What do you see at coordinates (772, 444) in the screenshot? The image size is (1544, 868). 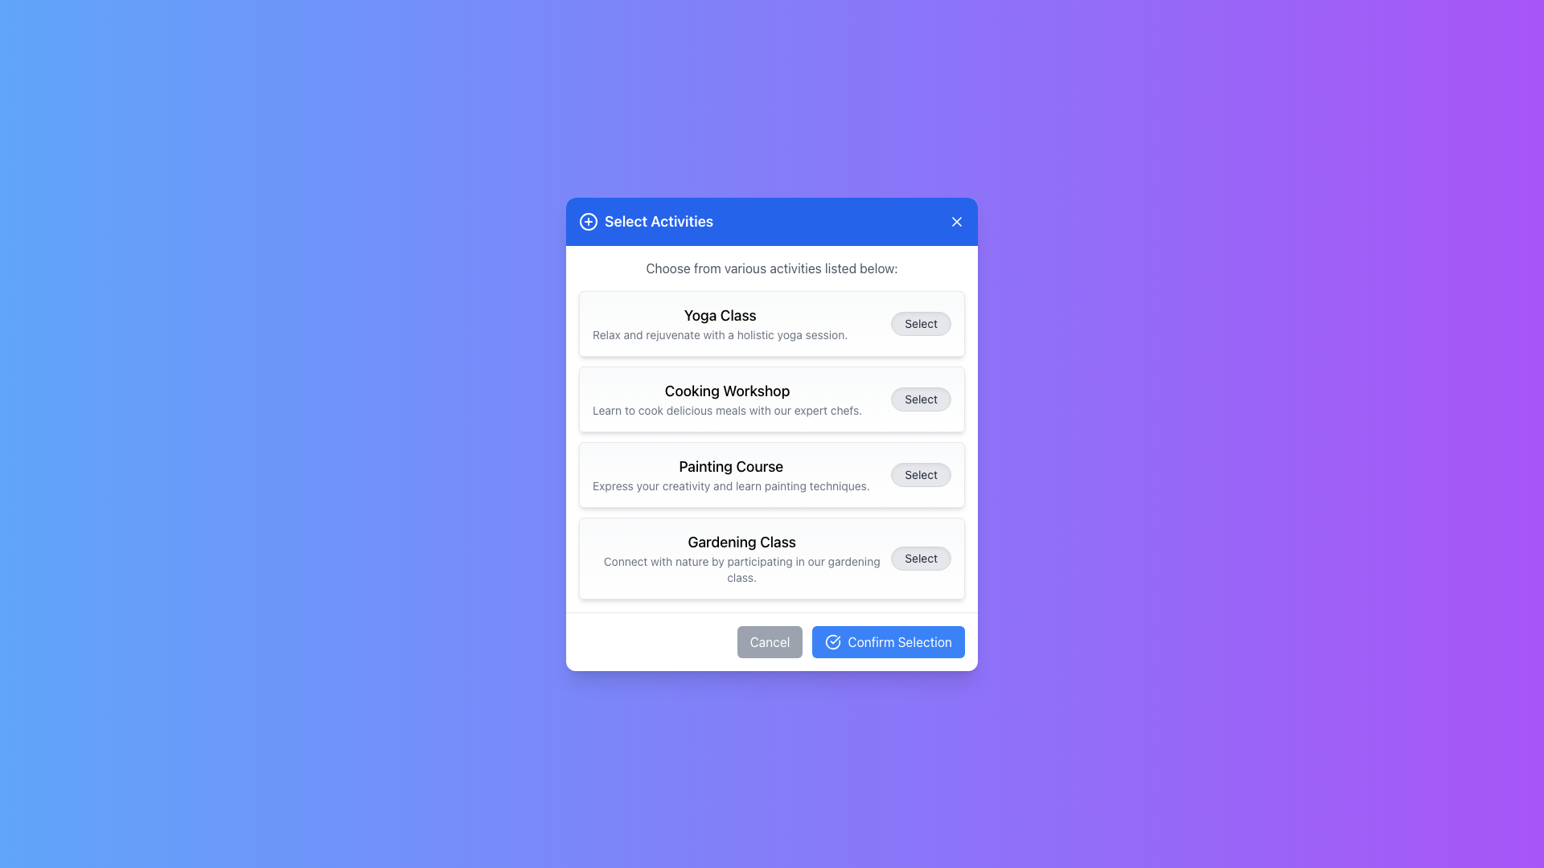 I see `the third activity card in the list of activity cards, which features a bold title, description, and a right-aligned button labeled 'Select'` at bounding box center [772, 444].